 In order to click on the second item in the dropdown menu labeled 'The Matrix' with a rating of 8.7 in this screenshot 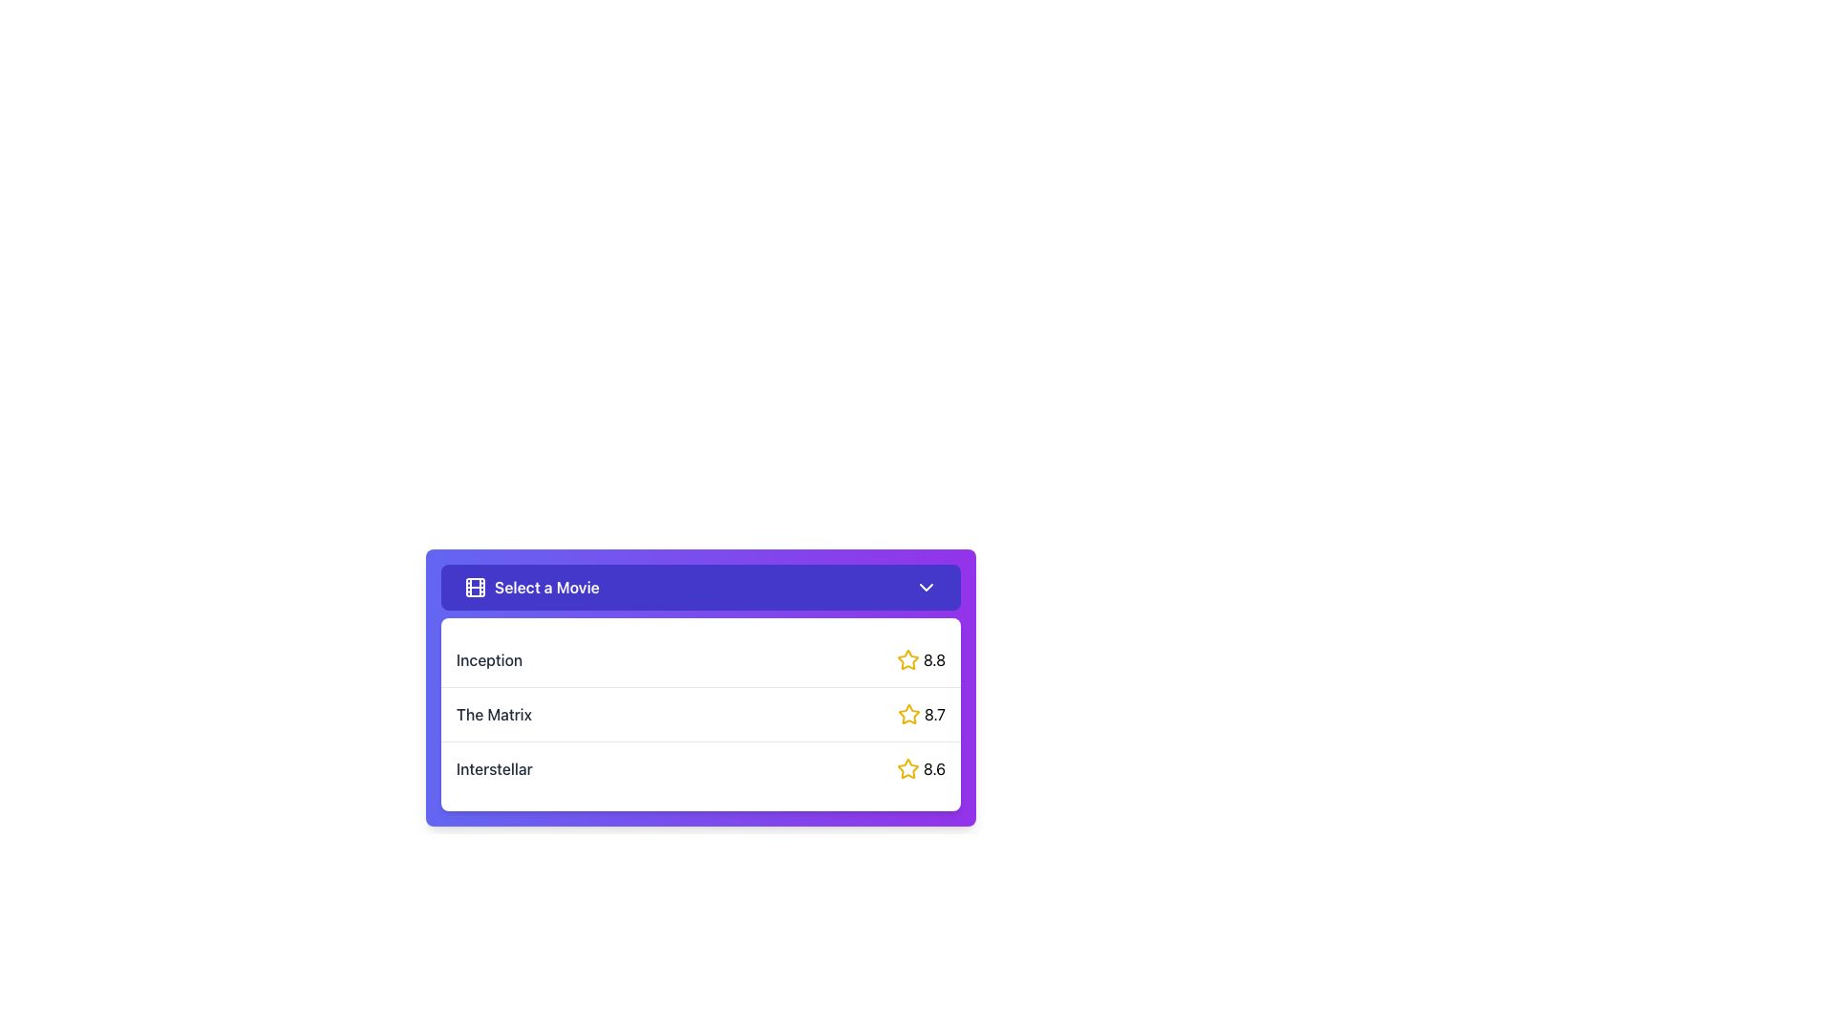, I will do `click(700, 715)`.